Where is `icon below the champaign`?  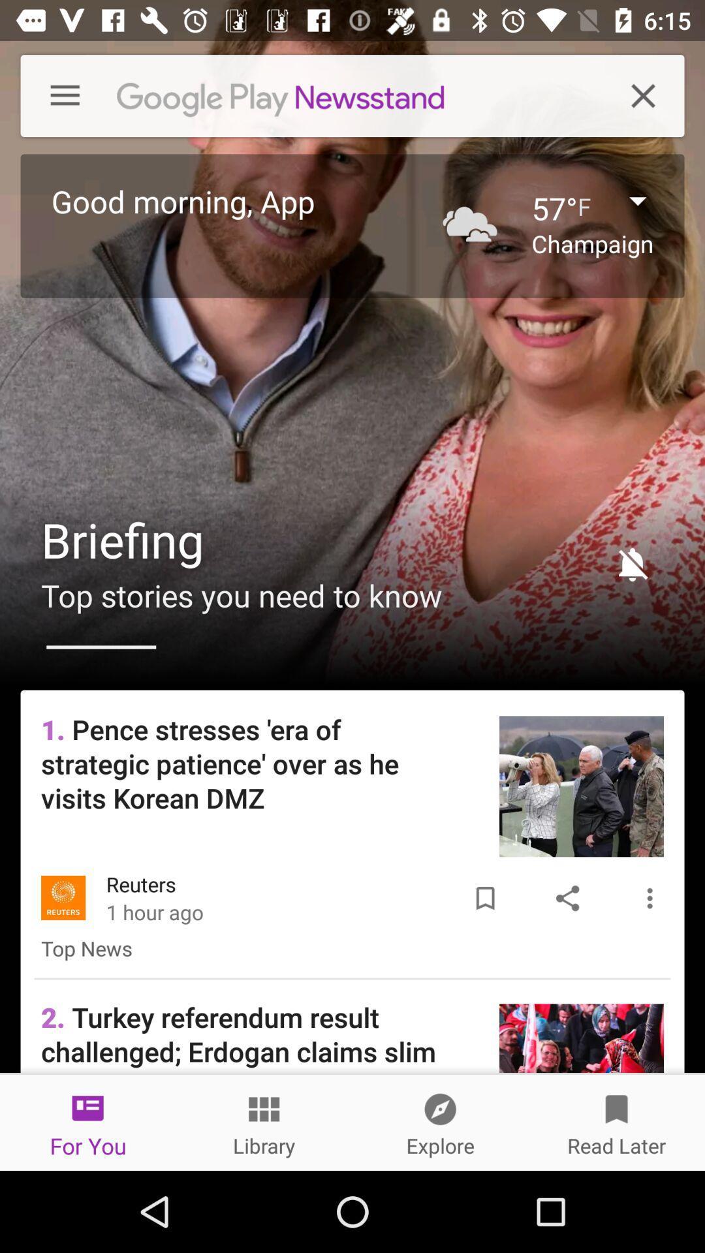 icon below the champaign is located at coordinates (627, 564).